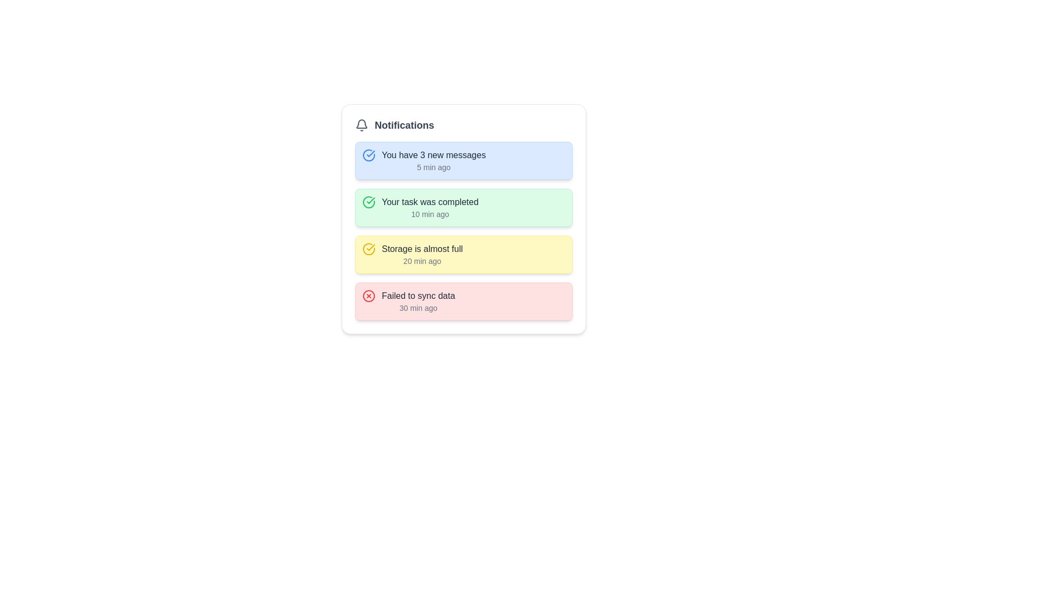 This screenshot has height=589, width=1048. Describe the element at coordinates (418, 308) in the screenshot. I see `timestamp displayed in the bottom-right corner of the notification card indicating the age of the 'Failed to sync data' message` at that location.